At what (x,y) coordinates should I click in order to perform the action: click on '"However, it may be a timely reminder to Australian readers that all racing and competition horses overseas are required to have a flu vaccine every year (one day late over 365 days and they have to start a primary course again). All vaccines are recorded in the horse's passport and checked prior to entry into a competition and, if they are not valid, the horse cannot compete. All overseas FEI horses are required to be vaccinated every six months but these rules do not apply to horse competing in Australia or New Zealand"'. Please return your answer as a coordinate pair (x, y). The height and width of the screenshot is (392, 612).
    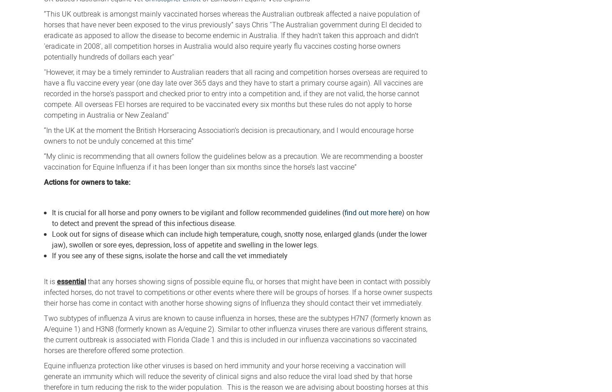
    Looking at the image, I should click on (43, 93).